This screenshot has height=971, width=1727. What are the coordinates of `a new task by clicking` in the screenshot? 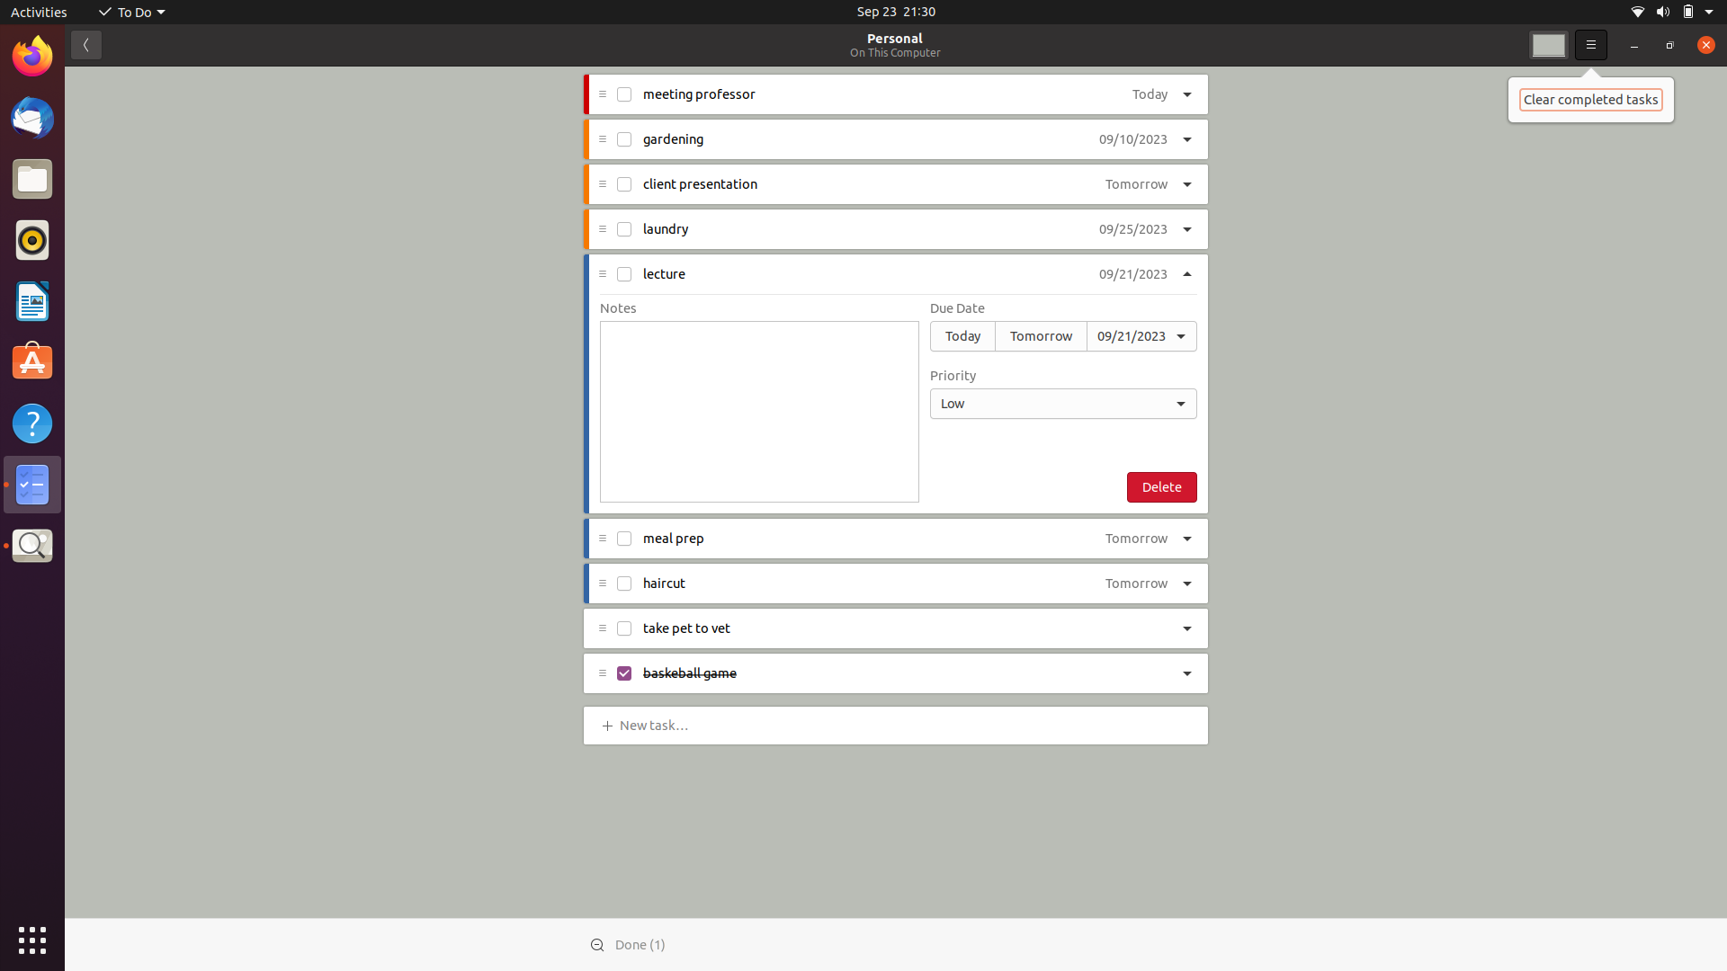 It's located at (657, 723).